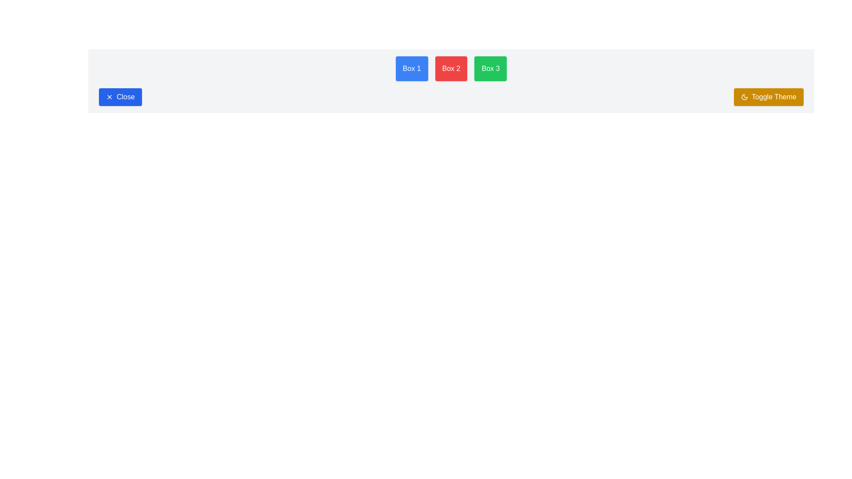  What do you see at coordinates (451, 68) in the screenshot?
I see `the red rectangular button labeled 'Box 2' which is visually distinct with a white text and rounded corners, located between the blue 'Box 1' and green 'Box 3' buttons` at bounding box center [451, 68].